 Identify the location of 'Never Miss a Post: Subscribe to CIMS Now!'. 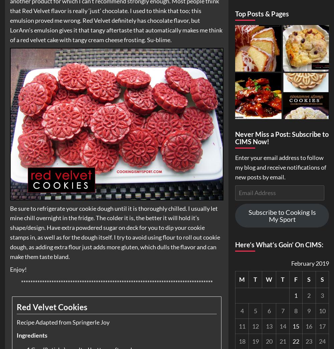
(235, 138).